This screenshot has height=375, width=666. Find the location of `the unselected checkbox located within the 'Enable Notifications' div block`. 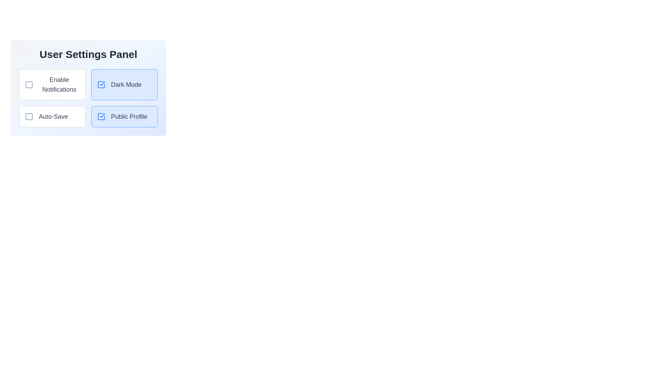

the unselected checkbox located within the 'Enable Notifications' div block is located at coordinates (28, 84).